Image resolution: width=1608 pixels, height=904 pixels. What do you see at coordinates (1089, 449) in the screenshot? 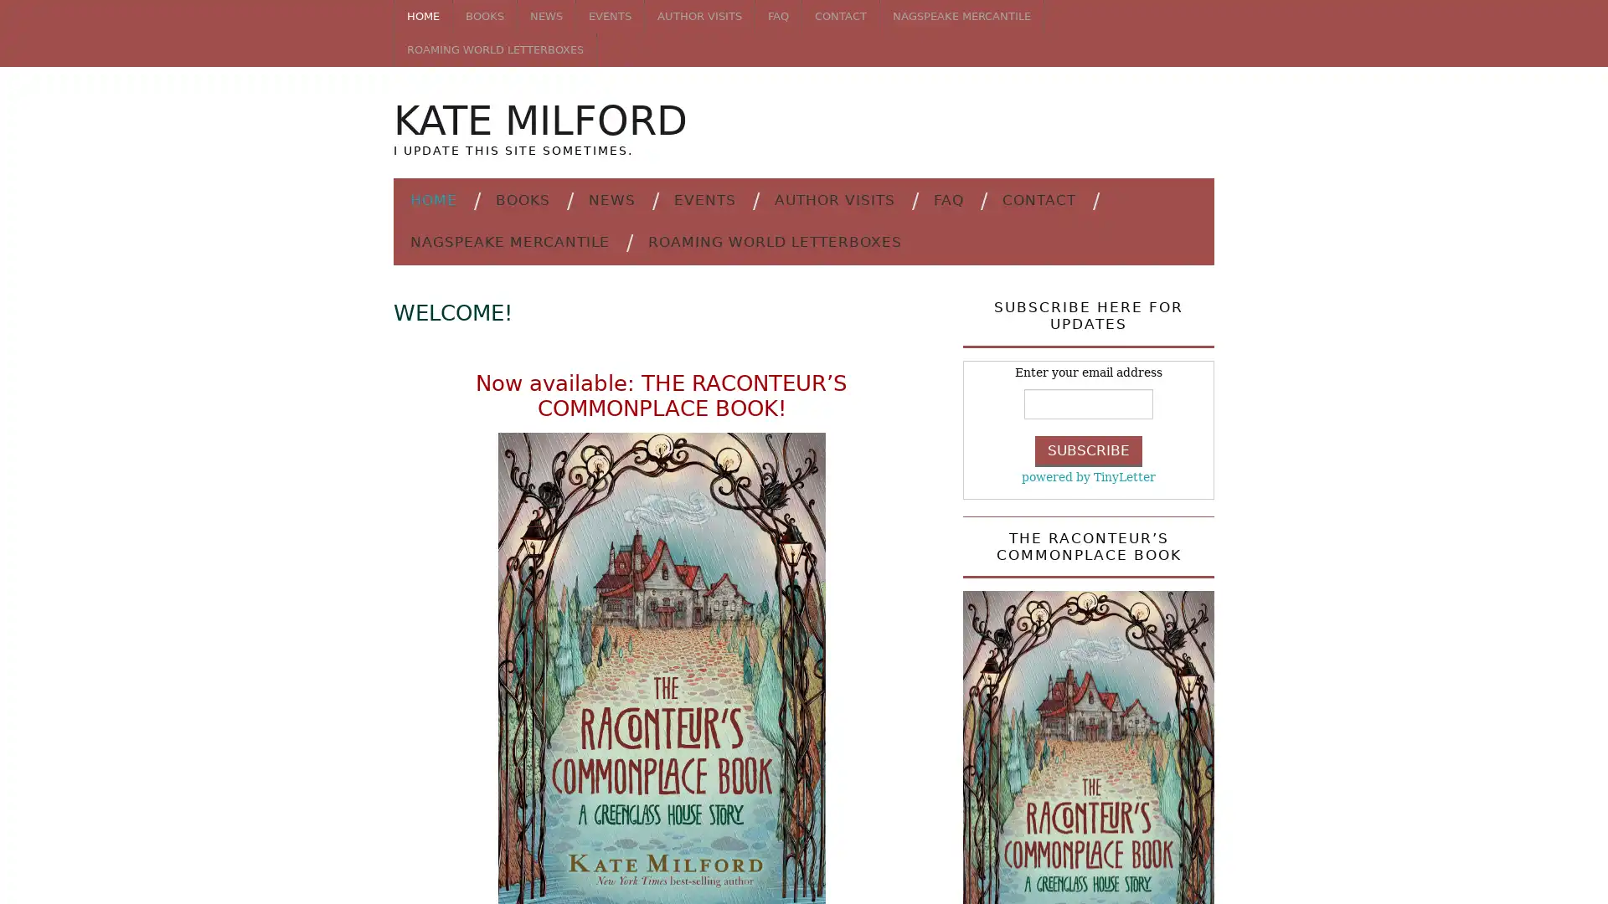
I see `Subscribe` at bounding box center [1089, 449].